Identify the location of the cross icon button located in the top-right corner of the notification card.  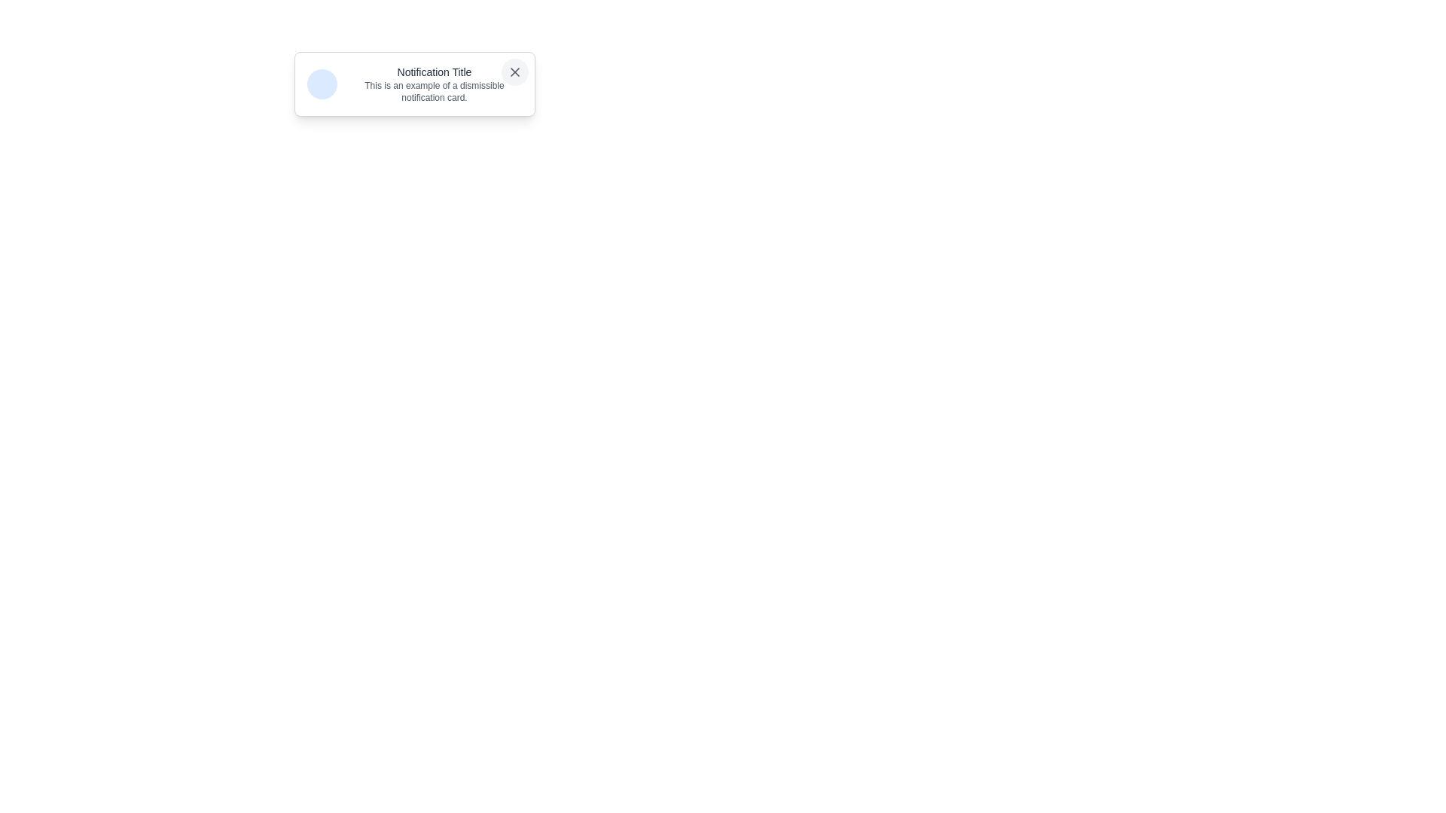
(515, 72).